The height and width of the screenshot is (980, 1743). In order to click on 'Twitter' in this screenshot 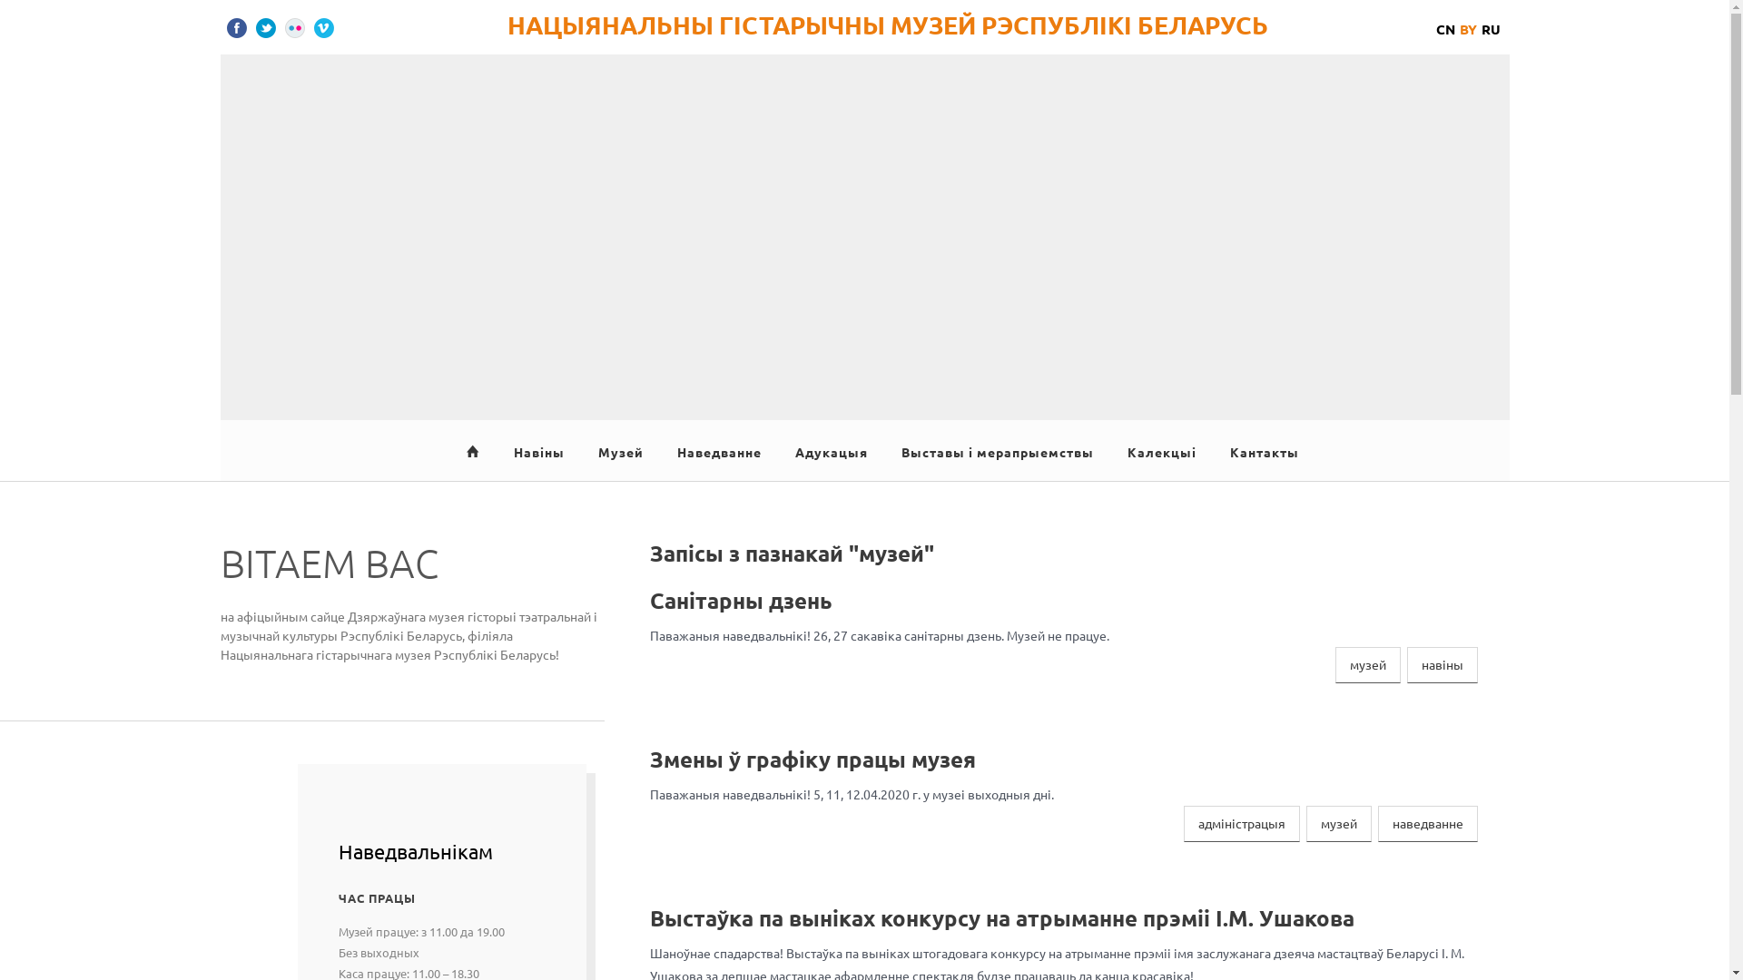, I will do `click(264, 27)`.